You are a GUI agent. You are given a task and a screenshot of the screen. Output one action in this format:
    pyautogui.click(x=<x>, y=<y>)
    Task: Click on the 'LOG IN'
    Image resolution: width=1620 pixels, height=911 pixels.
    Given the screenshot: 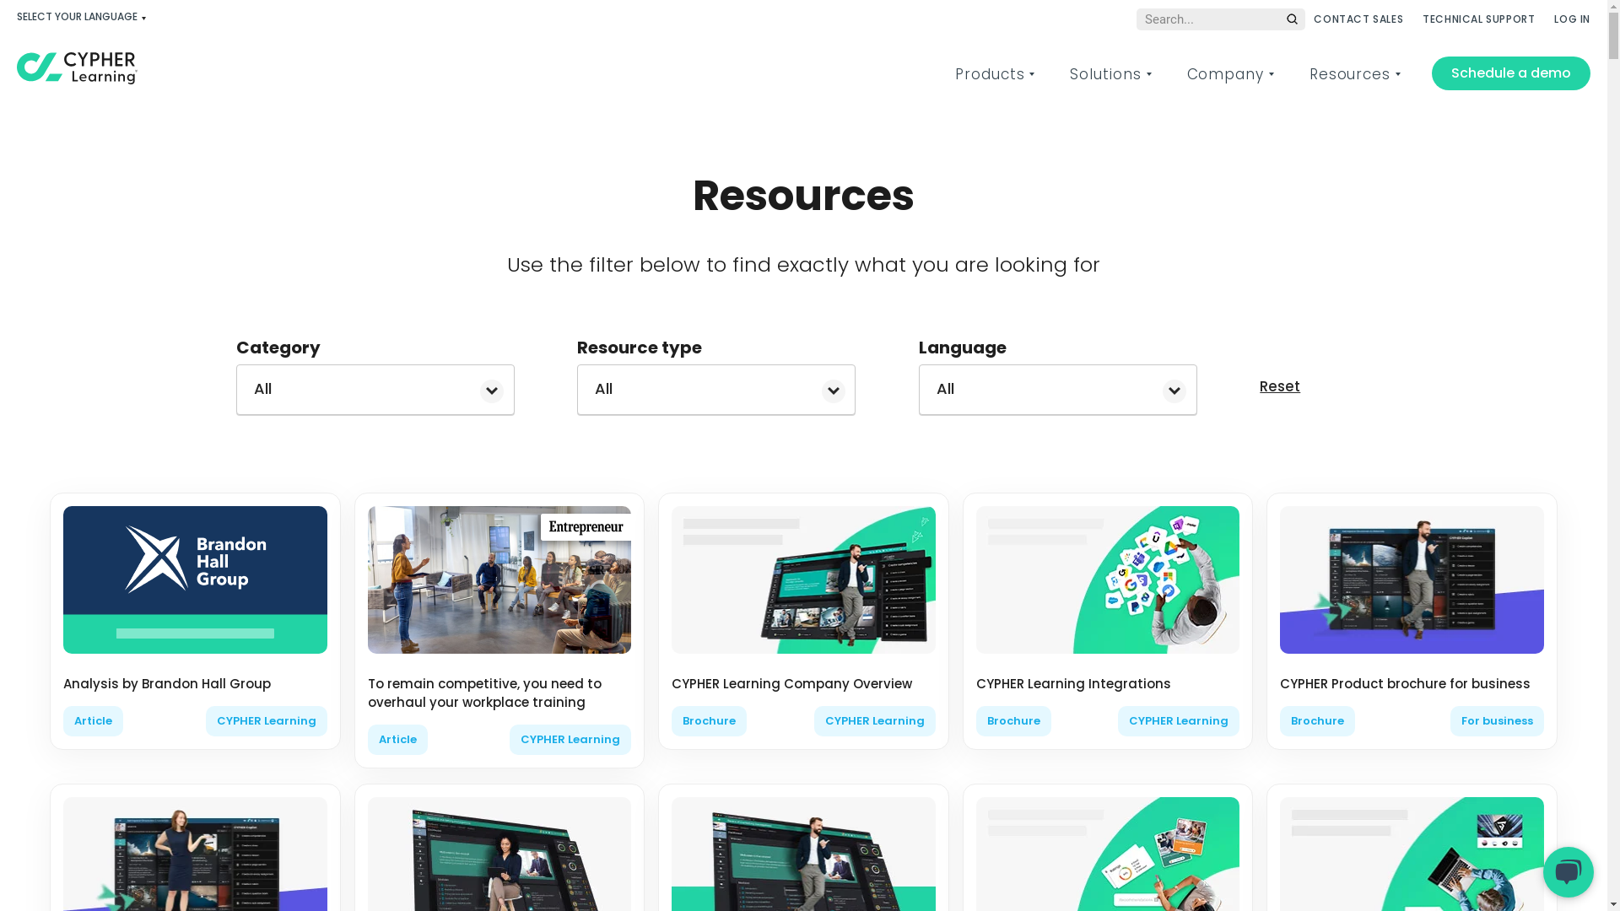 What is the action you would take?
    pyautogui.click(x=1571, y=19)
    